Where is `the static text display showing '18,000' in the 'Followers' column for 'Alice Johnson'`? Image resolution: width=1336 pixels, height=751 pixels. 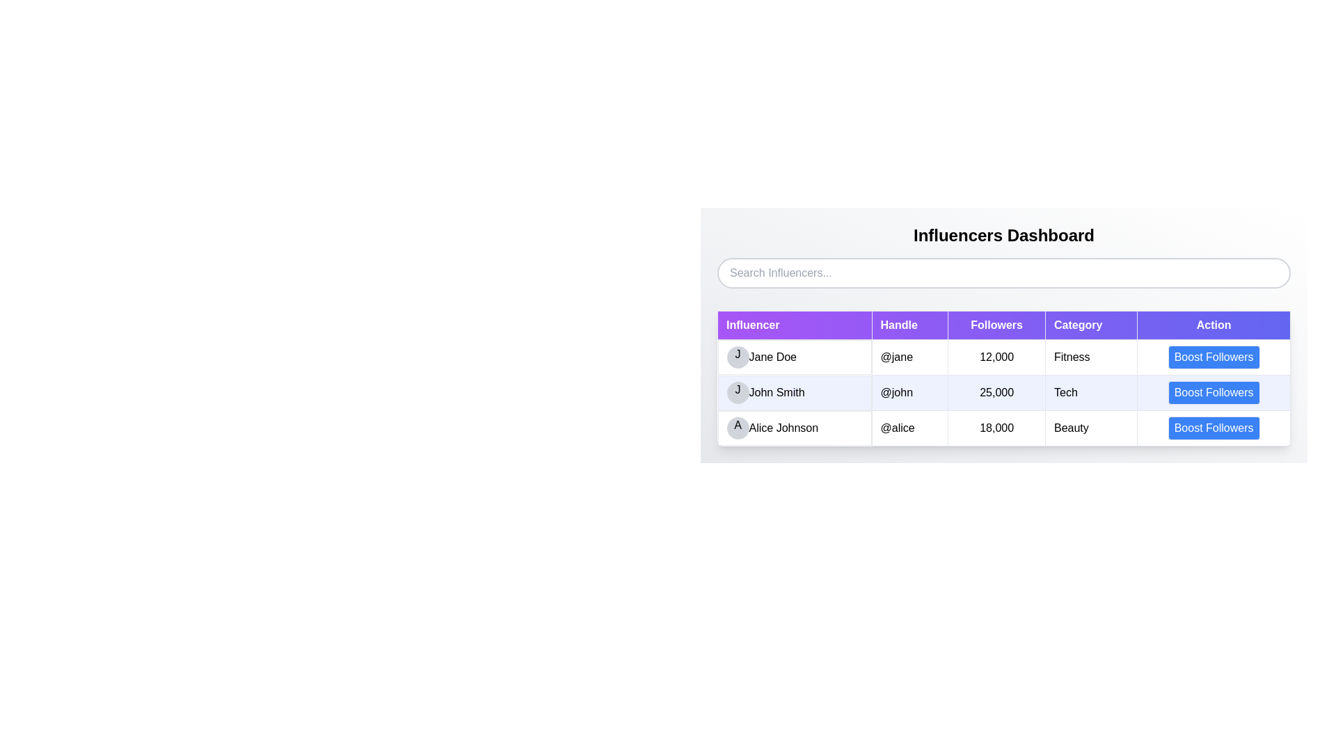 the static text display showing '18,000' in the 'Followers' column for 'Alice Johnson' is located at coordinates (996, 428).